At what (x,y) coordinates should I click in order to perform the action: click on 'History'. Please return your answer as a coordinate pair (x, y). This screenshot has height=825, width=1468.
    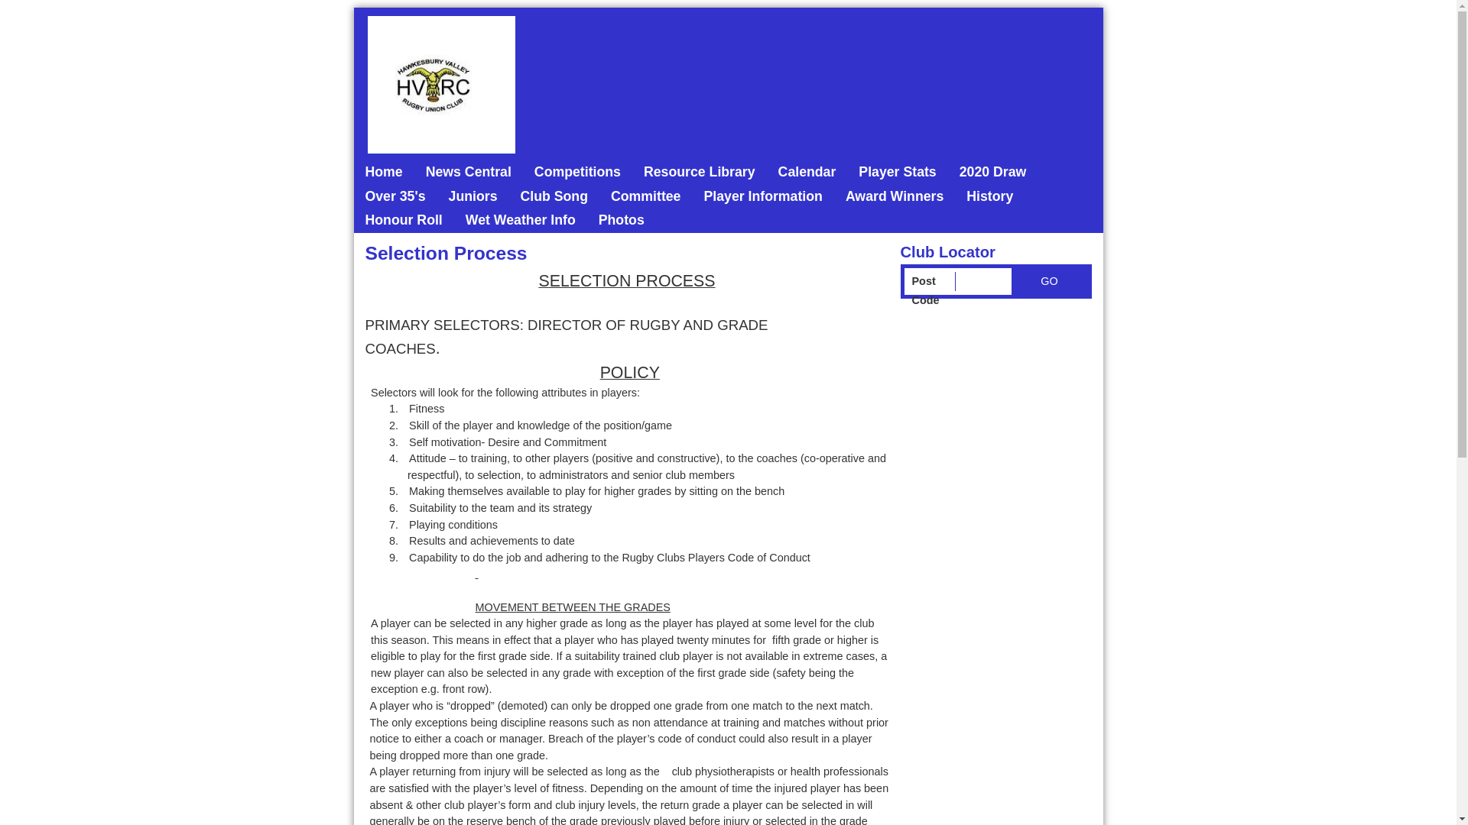
    Looking at the image, I should click on (989, 196).